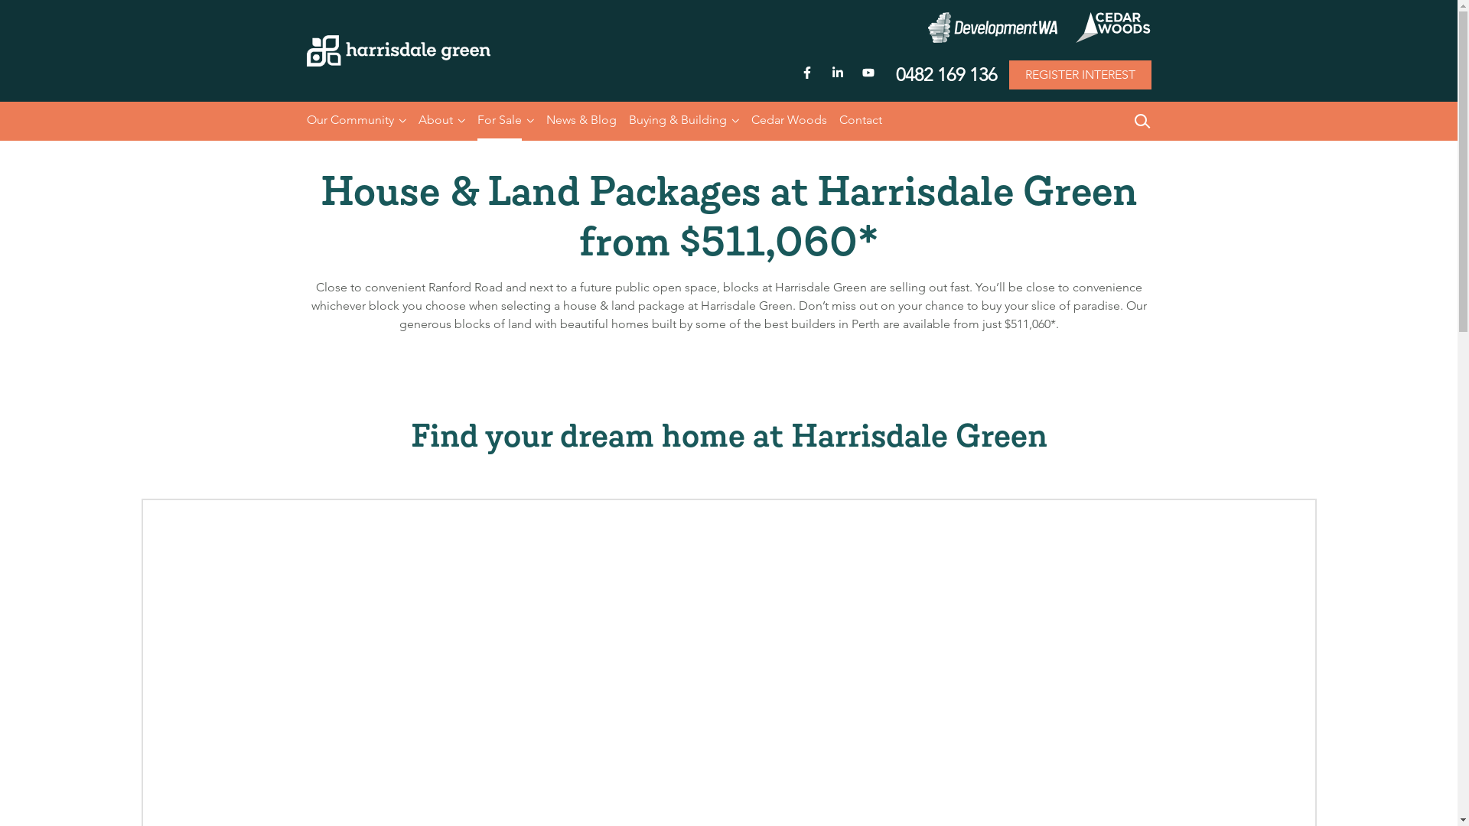 The image size is (1469, 826). What do you see at coordinates (859, 120) in the screenshot?
I see `'Contact'` at bounding box center [859, 120].